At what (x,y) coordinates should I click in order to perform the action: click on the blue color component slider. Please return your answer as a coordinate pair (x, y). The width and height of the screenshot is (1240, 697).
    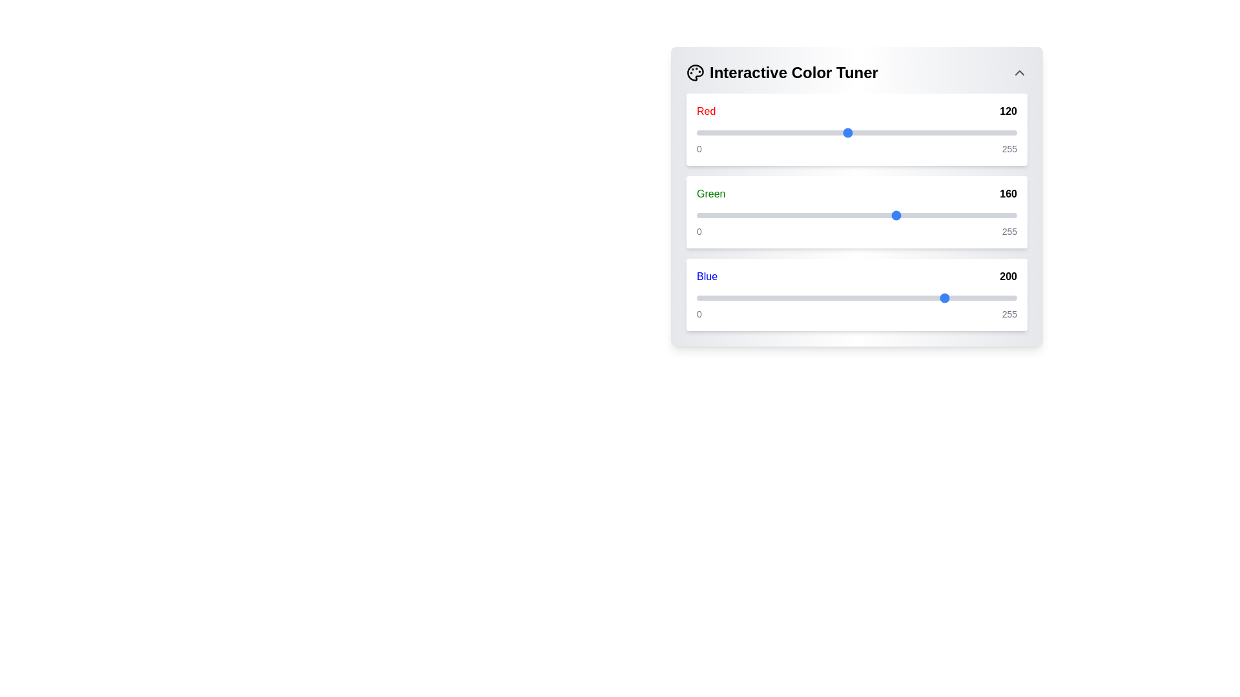
    Looking at the image, I should click on (856, 294).